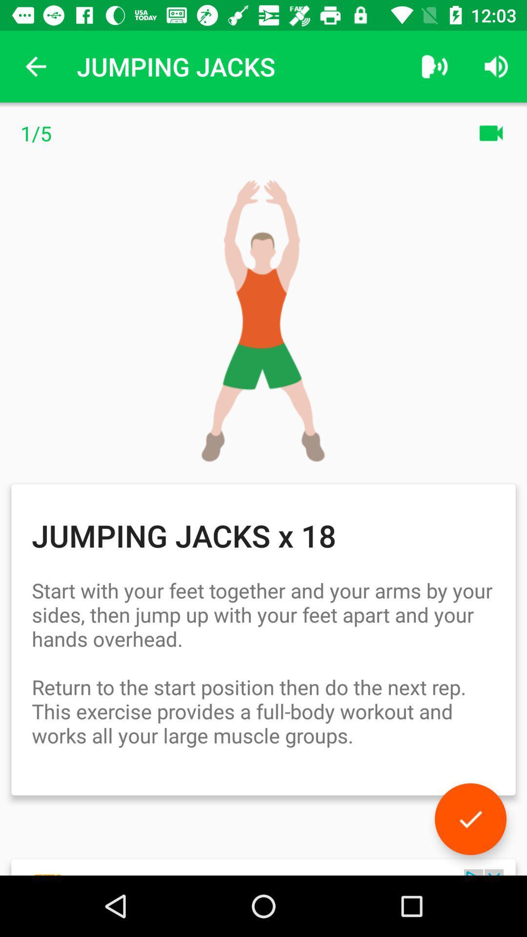 The width and height of the screenshot is (527, 937). I want to click on the app to the right of jumping jacks, so click(434, 66).